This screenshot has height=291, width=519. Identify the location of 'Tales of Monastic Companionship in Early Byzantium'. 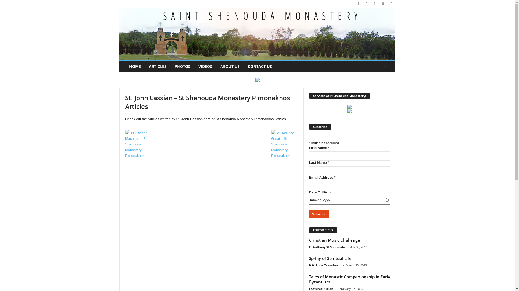
(349, 279).